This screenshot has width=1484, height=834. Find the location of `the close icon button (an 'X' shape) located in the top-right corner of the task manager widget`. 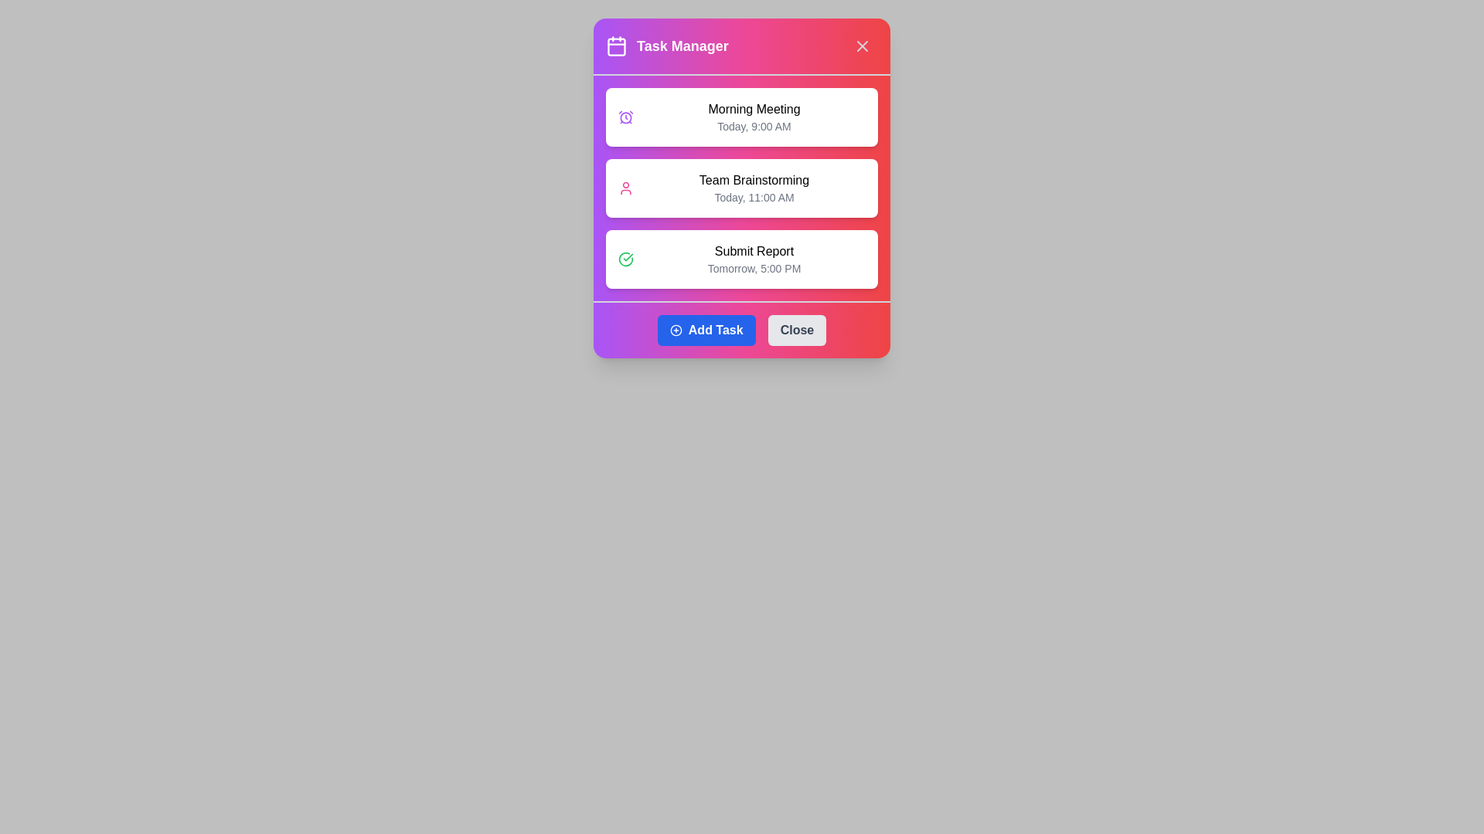

the close icon button (an 'X' shape) located in the top-right corner of the task manager widget is located at coordinates (862, 46).